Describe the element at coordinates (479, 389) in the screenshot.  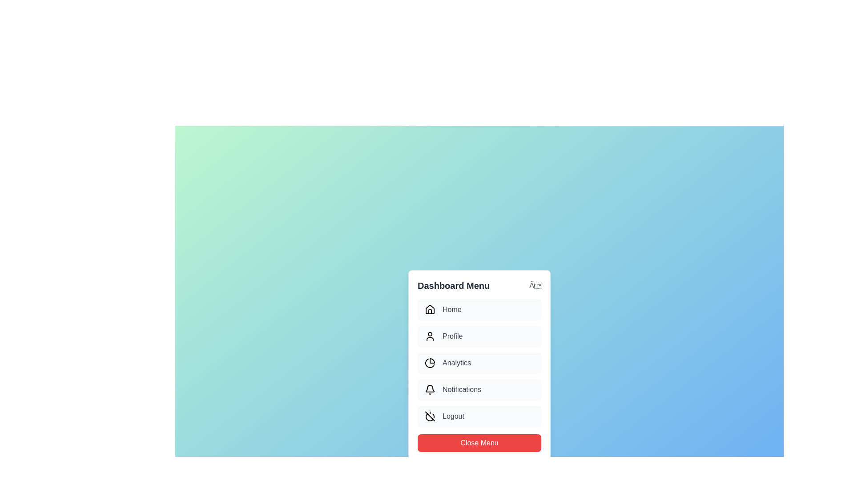
I see `the menu item labeled Notifications to inspect its icon and text label` at that location.